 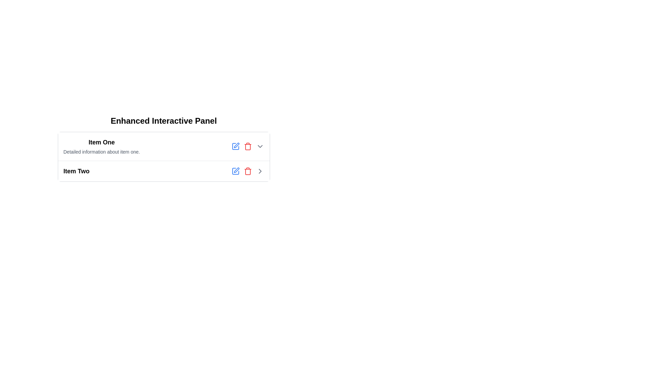 I want to click on the pen icon SVG graphic associated with the edit functionality, located in the actionable area next to 'Item Two', so click(x=236, y=170).